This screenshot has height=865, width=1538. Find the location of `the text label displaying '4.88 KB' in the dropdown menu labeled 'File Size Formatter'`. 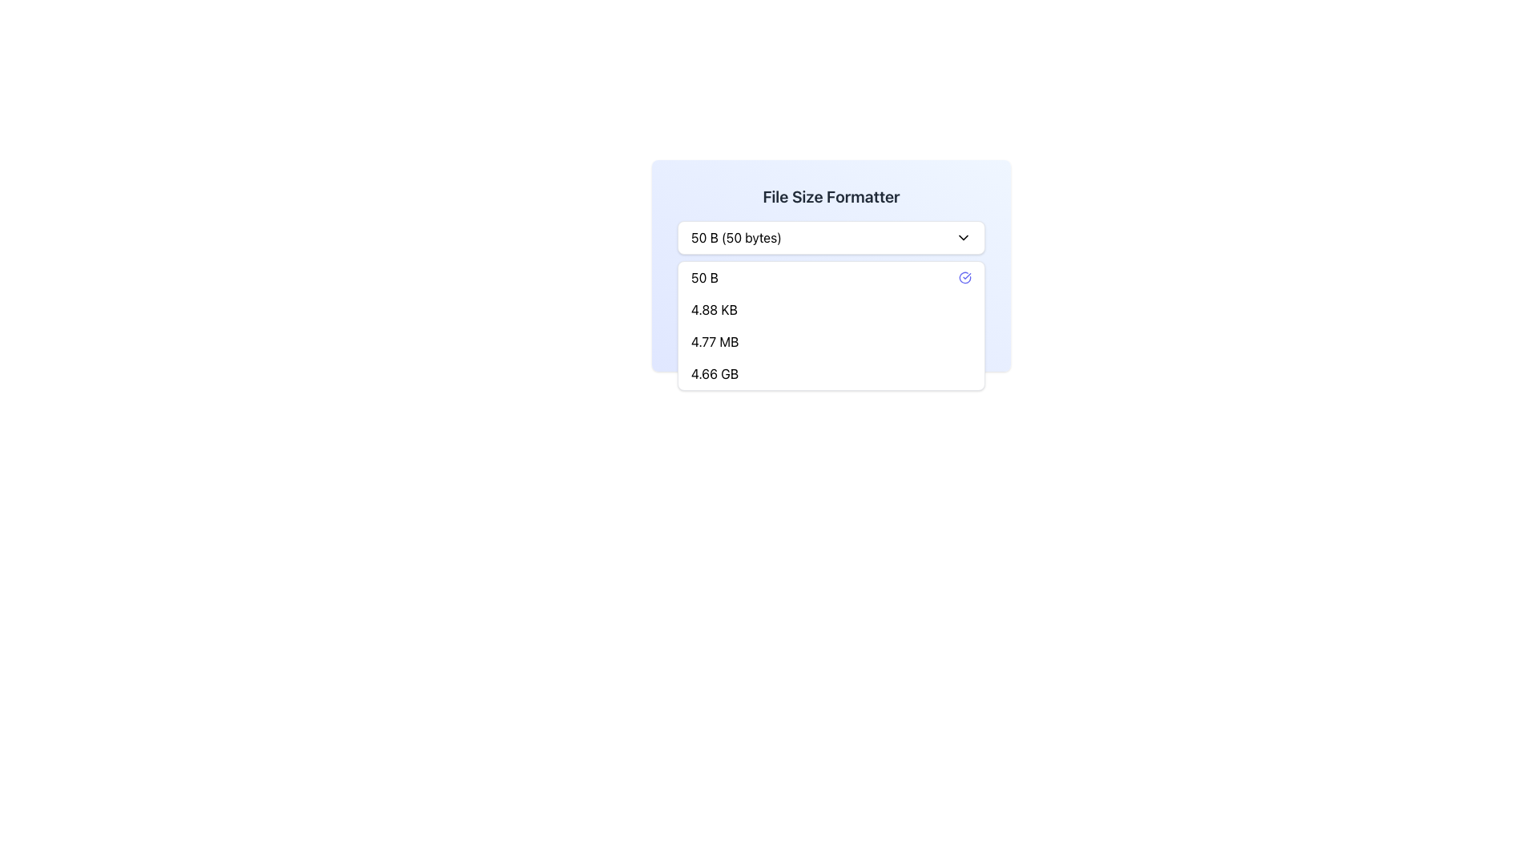

the text label displaying '4.88 KB' in the dropdown menu labeled 'File Size Formatter' is located at coordinates (713, 309).